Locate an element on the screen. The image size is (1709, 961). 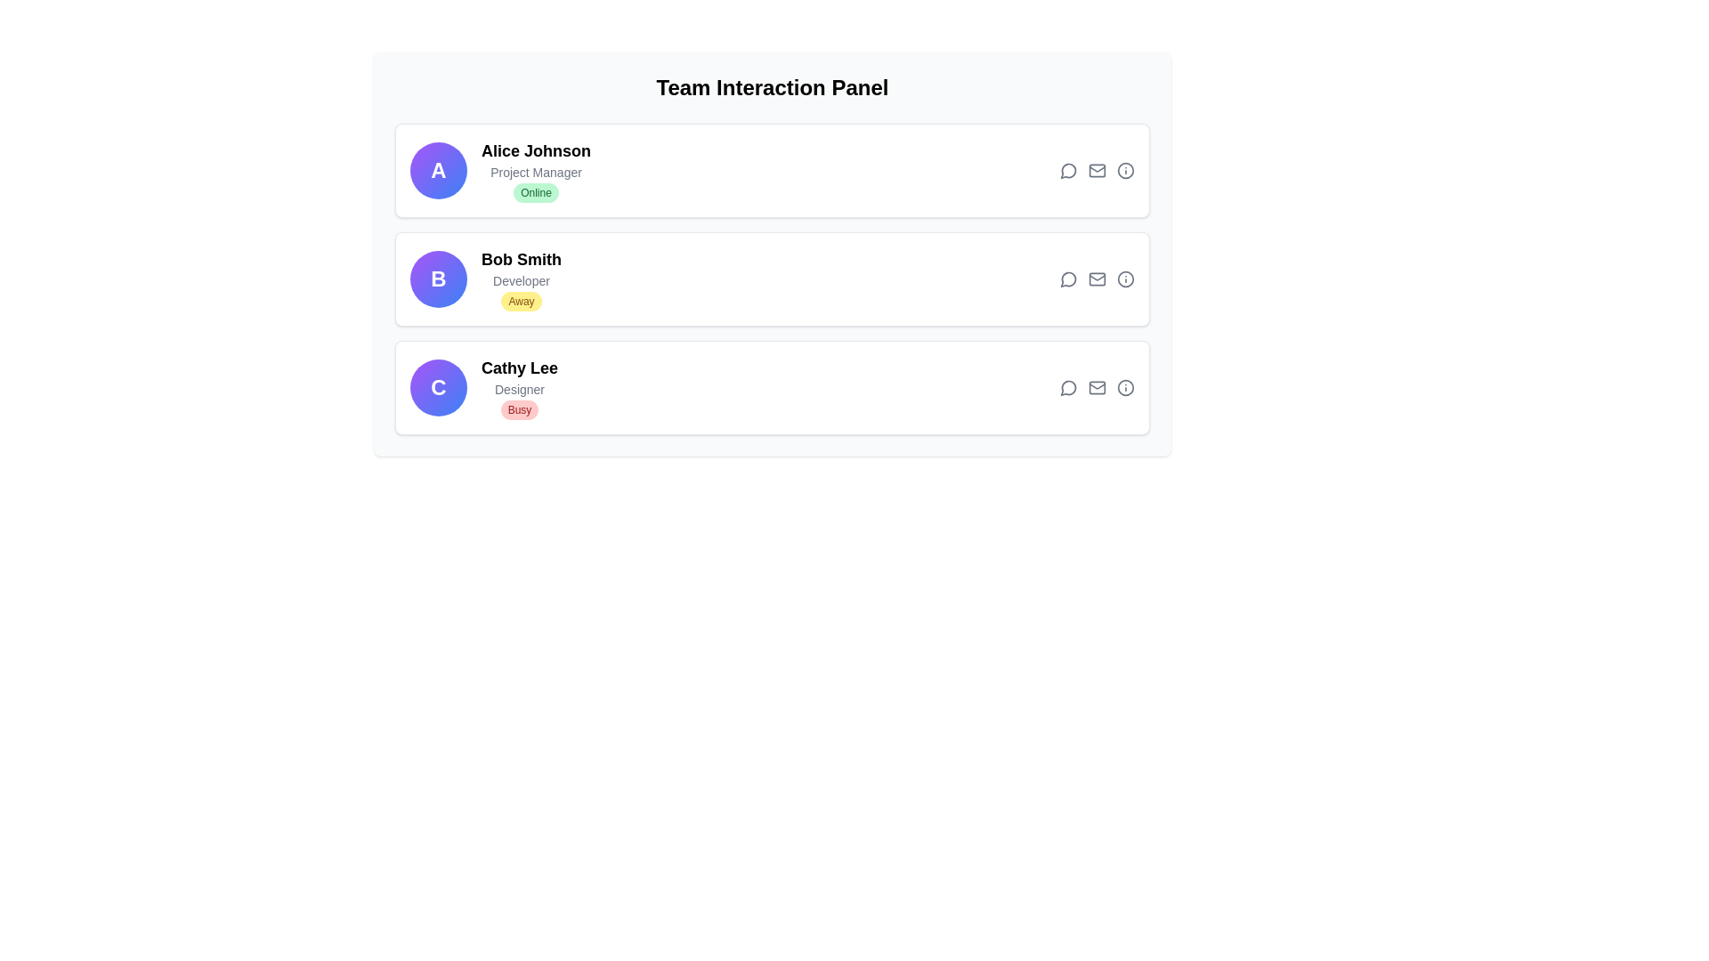
the circular 'info' icon button located in the 'Team Interaction Panel' section, which is the last among three similar icons associated with 'Alice Johnson' is located at coordinates (1125, 171).